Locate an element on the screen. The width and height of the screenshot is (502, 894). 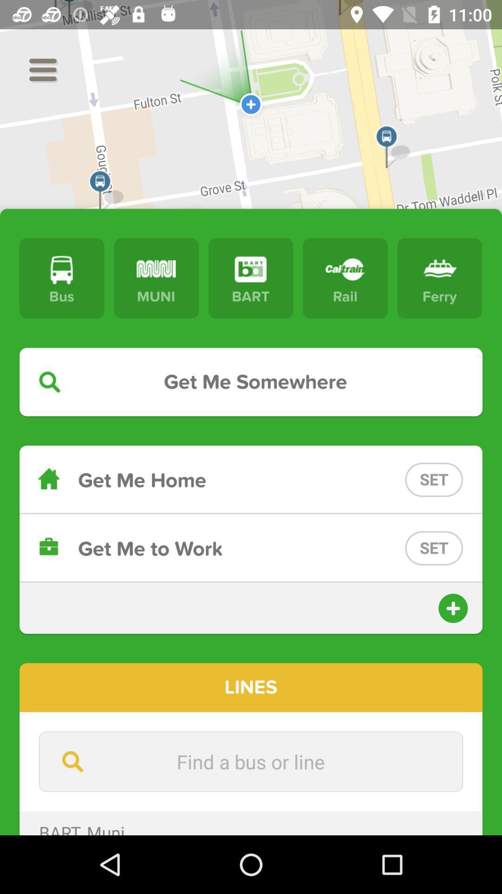
the menu icon is located at coordinates (38, 70).